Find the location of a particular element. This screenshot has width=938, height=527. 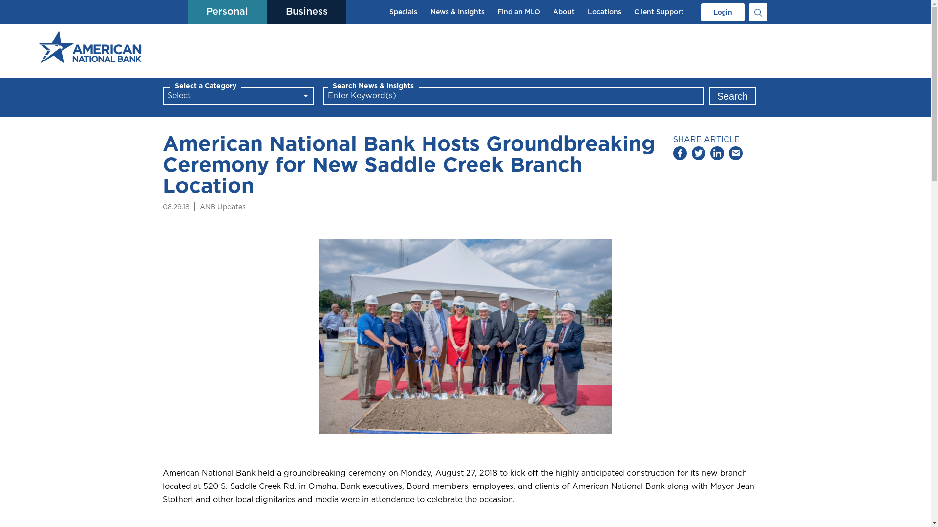

'Search' is located at coordinates (732, 96).